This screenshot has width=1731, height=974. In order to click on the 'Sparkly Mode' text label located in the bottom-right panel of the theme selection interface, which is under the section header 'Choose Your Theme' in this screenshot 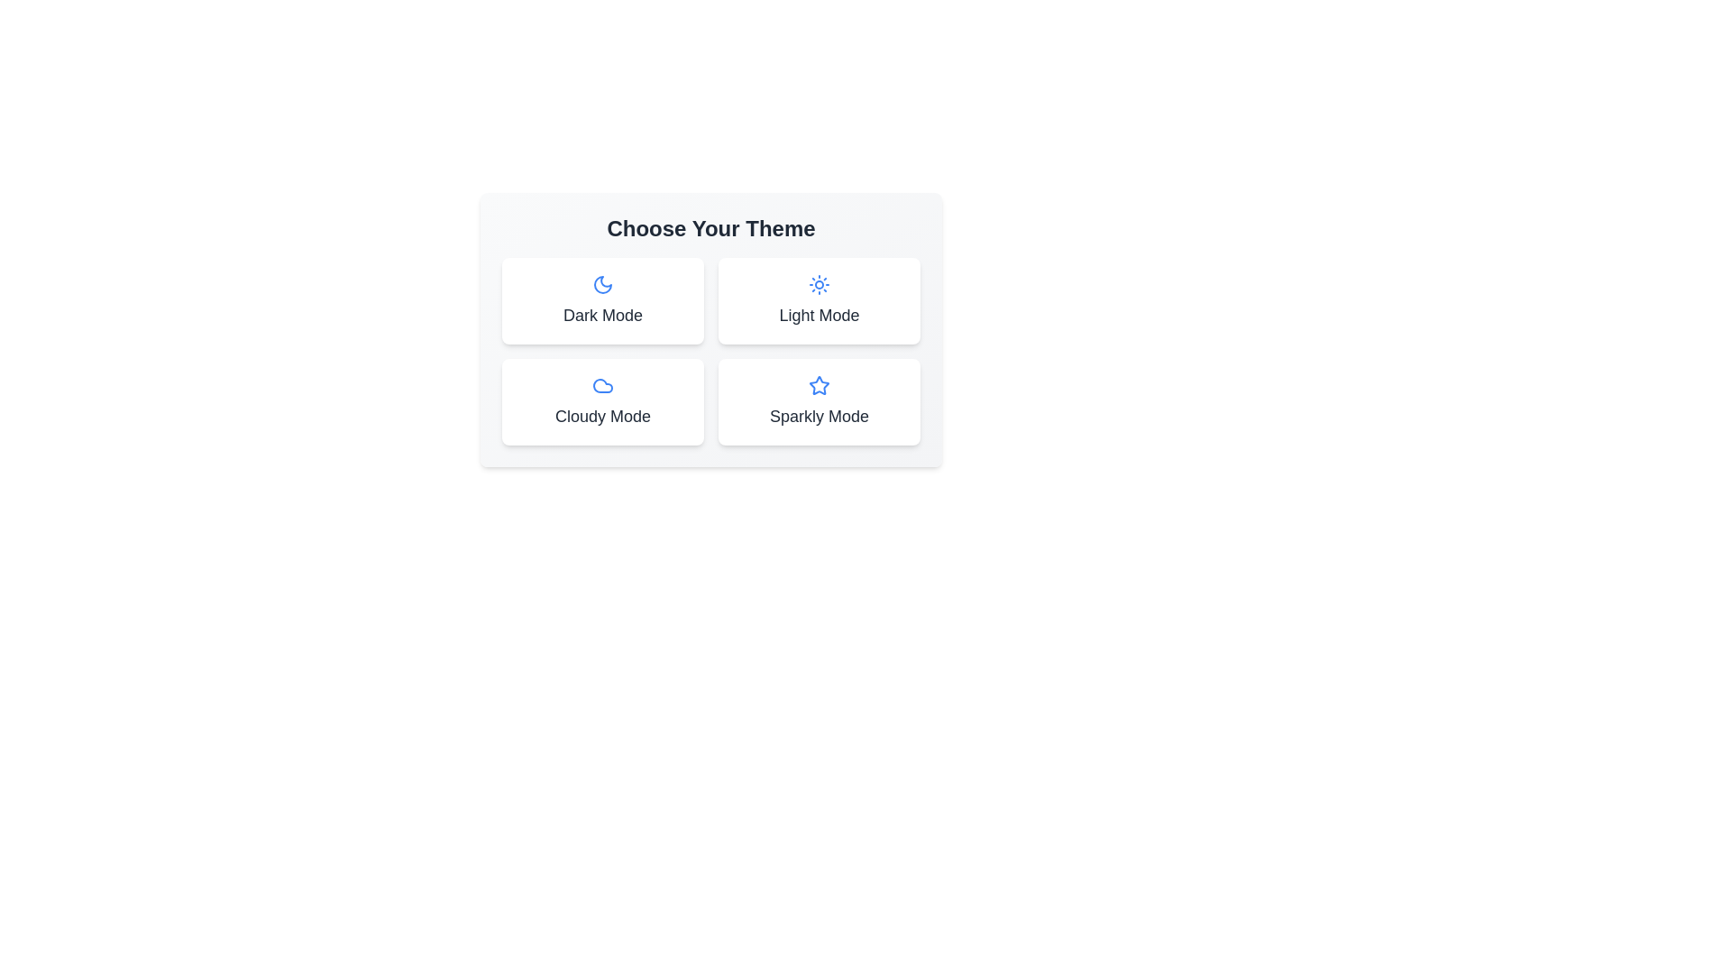, I will do `click(818, 417)`.